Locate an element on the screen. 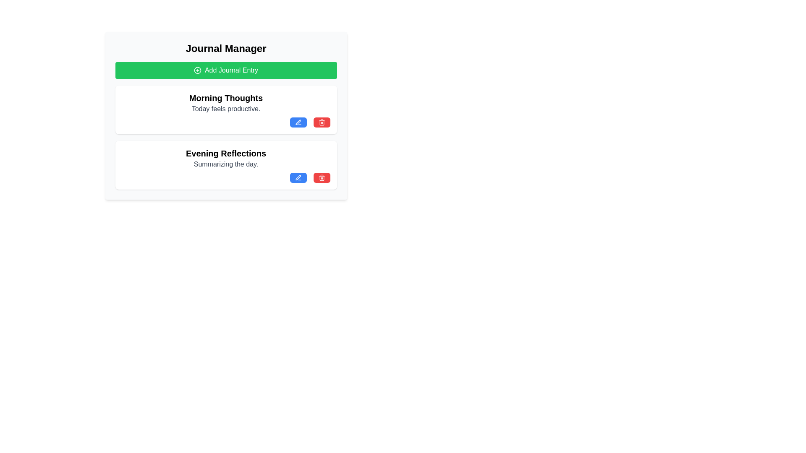 This screenshot has height=453, width=806. the text label reading 'Today feels productive.' which is located beneath the heading 'Morning Thoughts' in a card layout is located at coordinates (226, 108).